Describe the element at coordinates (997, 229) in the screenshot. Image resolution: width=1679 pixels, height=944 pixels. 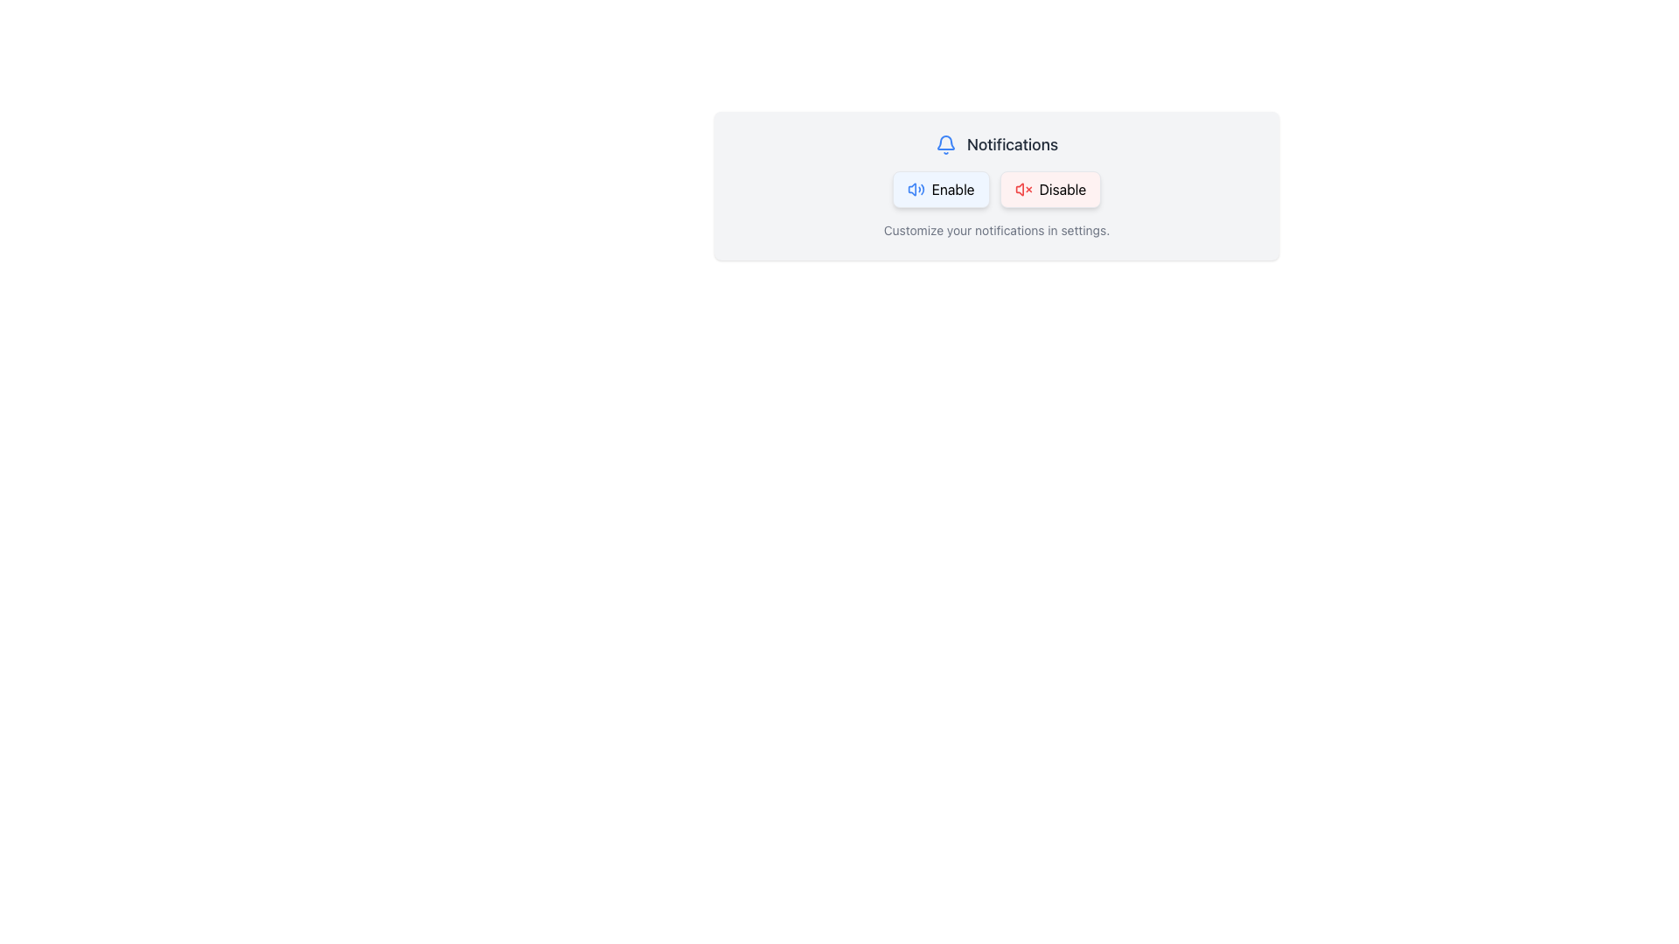
I see `the informational note text that indicates options for customizing notification settings, located beneath the 'Enable' and 'Disable' buttons in the notification configuration card` at that location.